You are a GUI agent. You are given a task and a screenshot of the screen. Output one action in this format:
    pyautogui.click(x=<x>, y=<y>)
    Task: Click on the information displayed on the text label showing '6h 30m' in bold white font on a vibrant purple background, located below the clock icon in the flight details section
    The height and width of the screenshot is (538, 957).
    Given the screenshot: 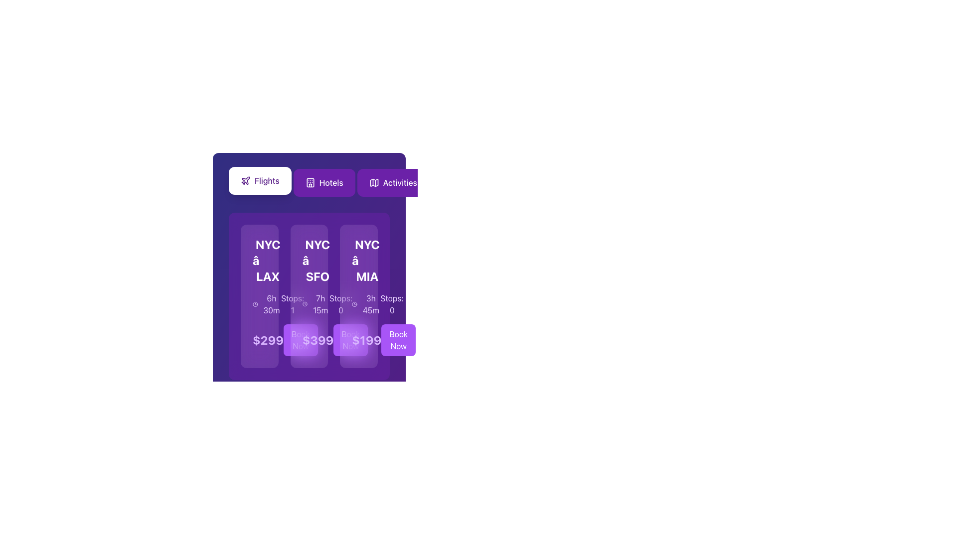 What is the action you would take?
    pyautogui.click(x=271, y=303)
    